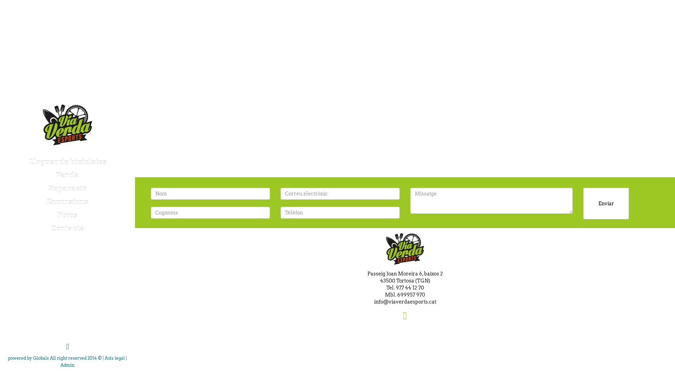 The height and width of the screenshot is (379, 675). What do you see at coordinates (67, 215) in the screenshot?
I see `'Fotos'` at bounding box center [67, 215].